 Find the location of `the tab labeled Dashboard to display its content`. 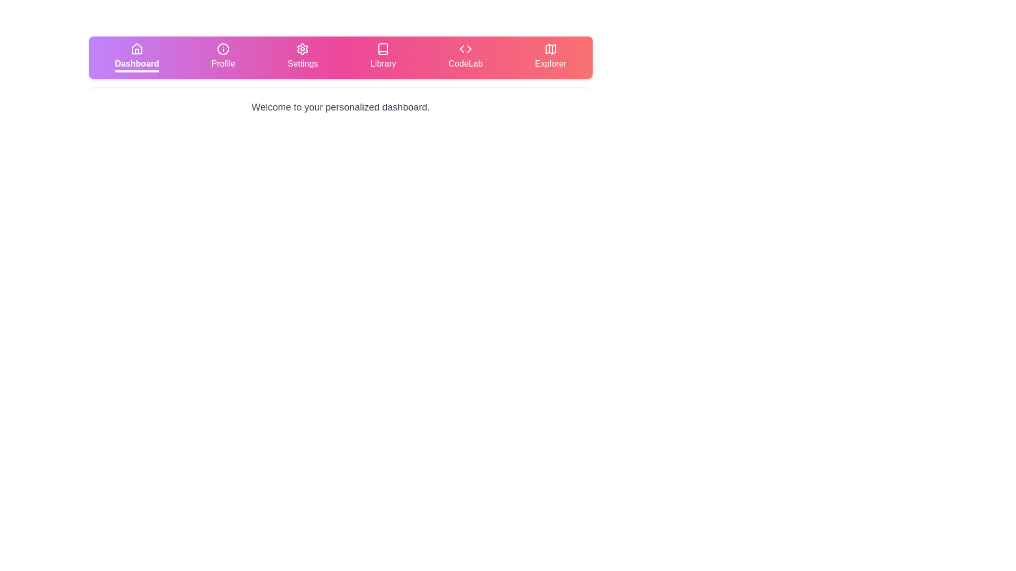

the tab labeled Dashboard to display its content is located at coordinates (137, 57).